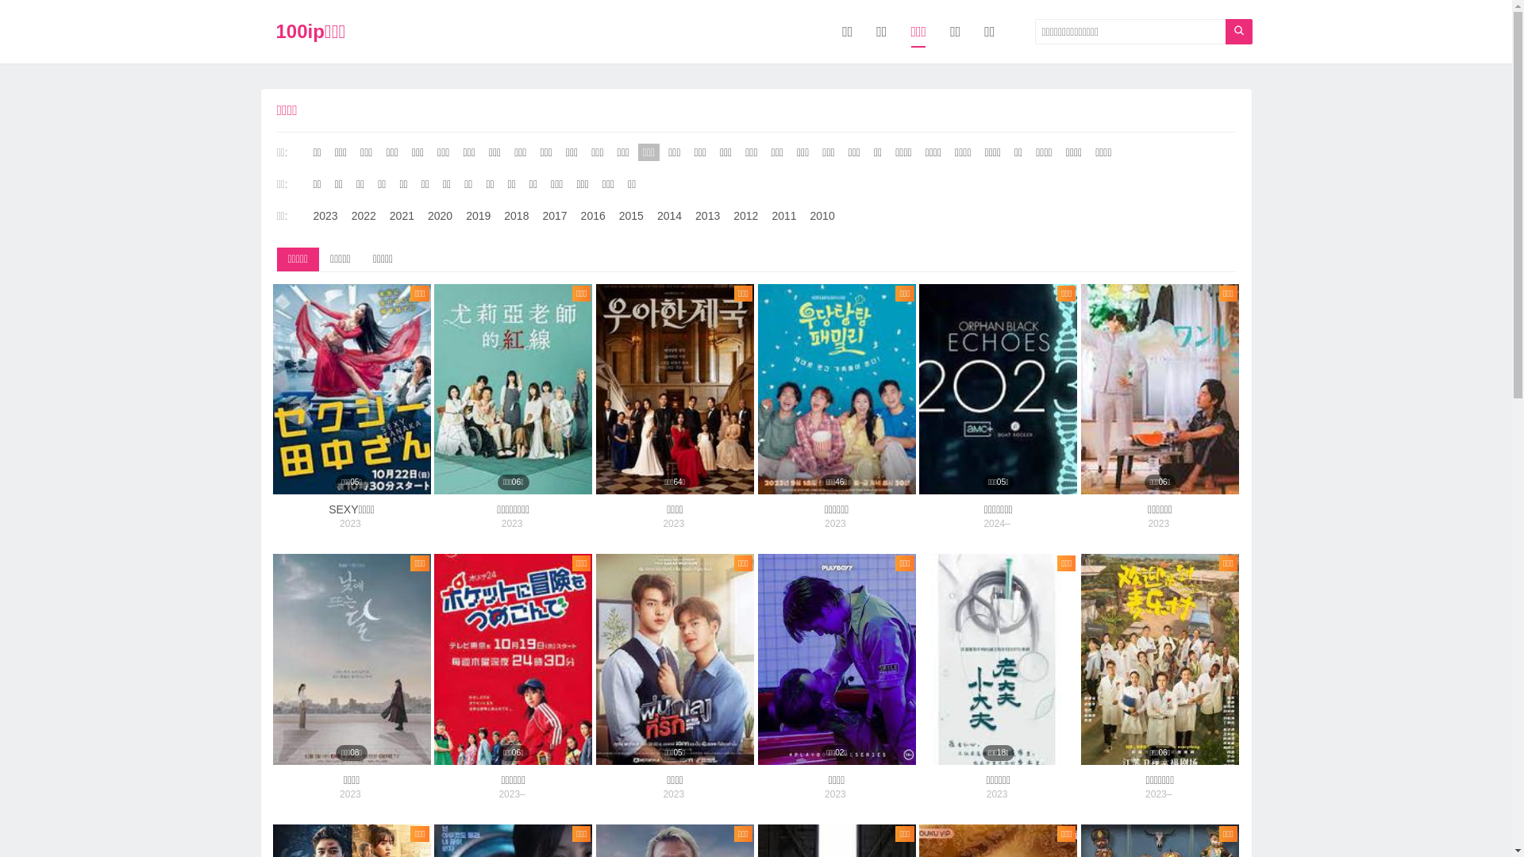 The width and height of the screenshot is (1524, 857). I want to click on '2022', so click(363, 216).